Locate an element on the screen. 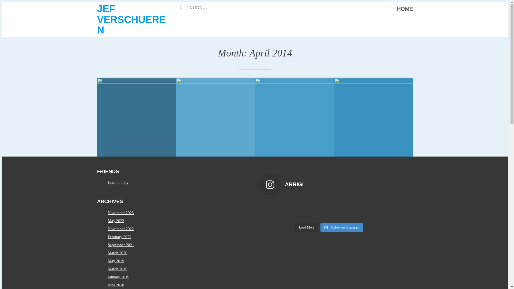 The width and height of the screenshot is (514, 289). 'Luminoucity' is located at coordinates (118, 182).